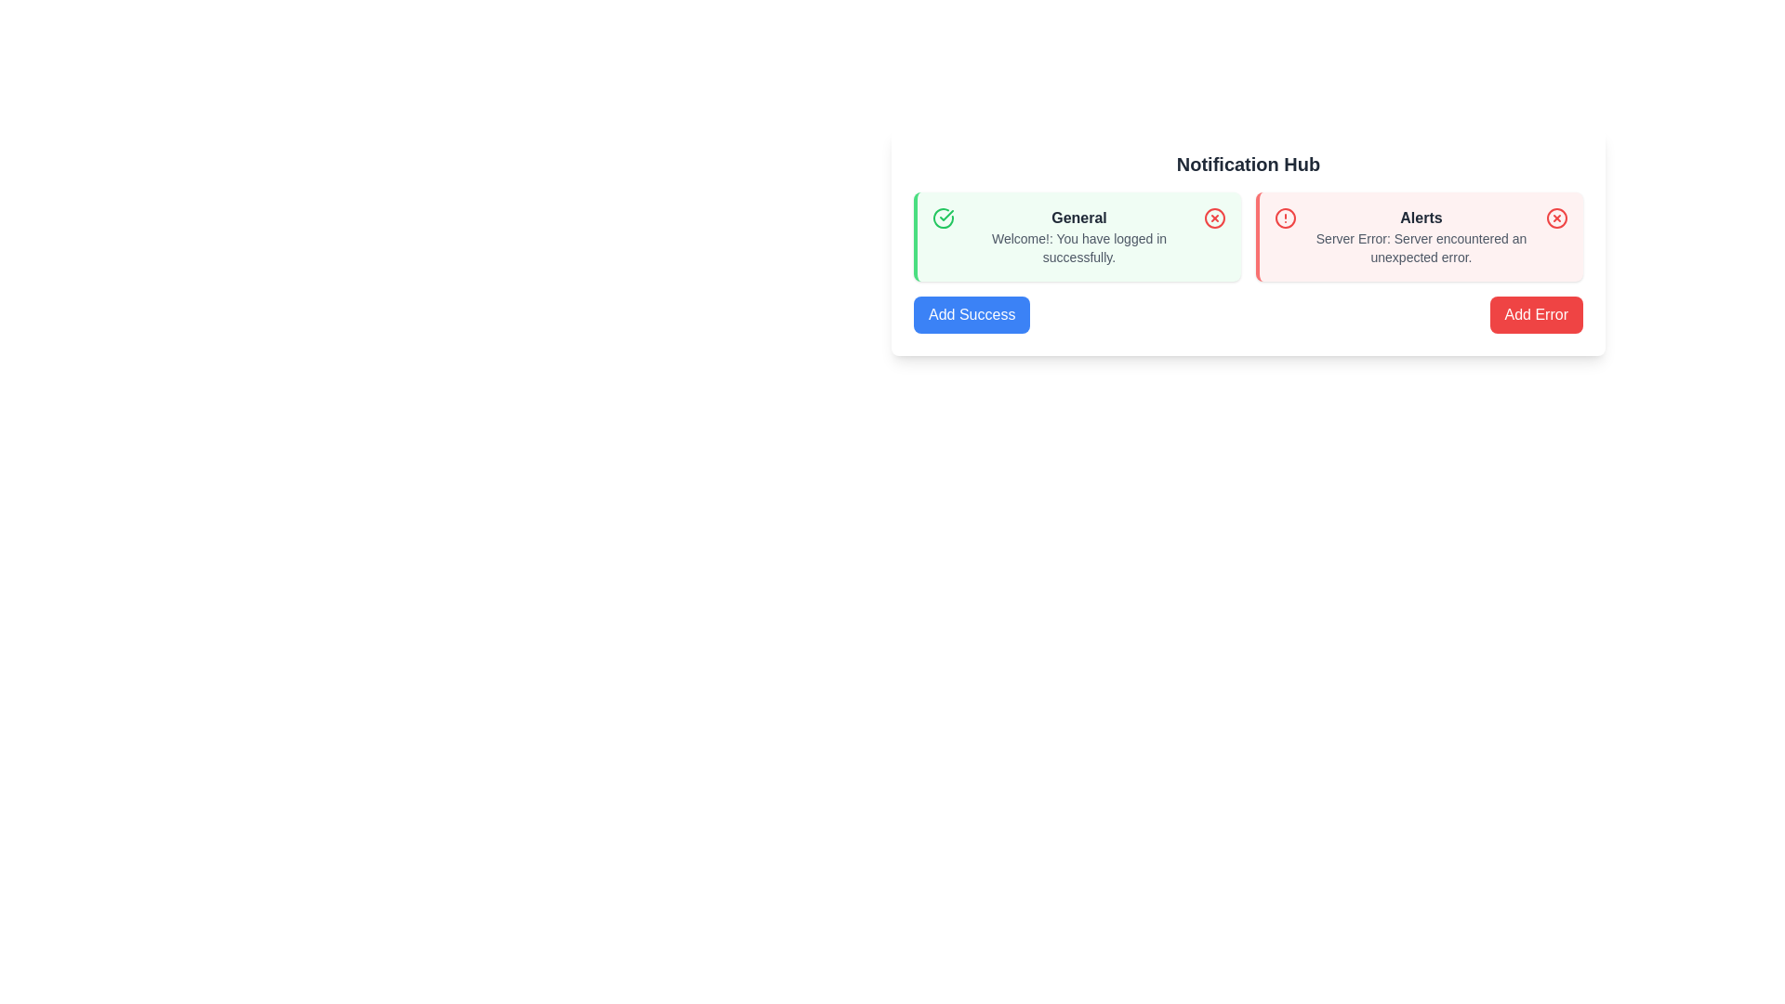 Image resolution: width=1785 pixels, height=1004 pixels. I want to click on the success notification box that indicates the user has logged in successfully, located in the upper left corner of the grid layout, so click(1077, 235).